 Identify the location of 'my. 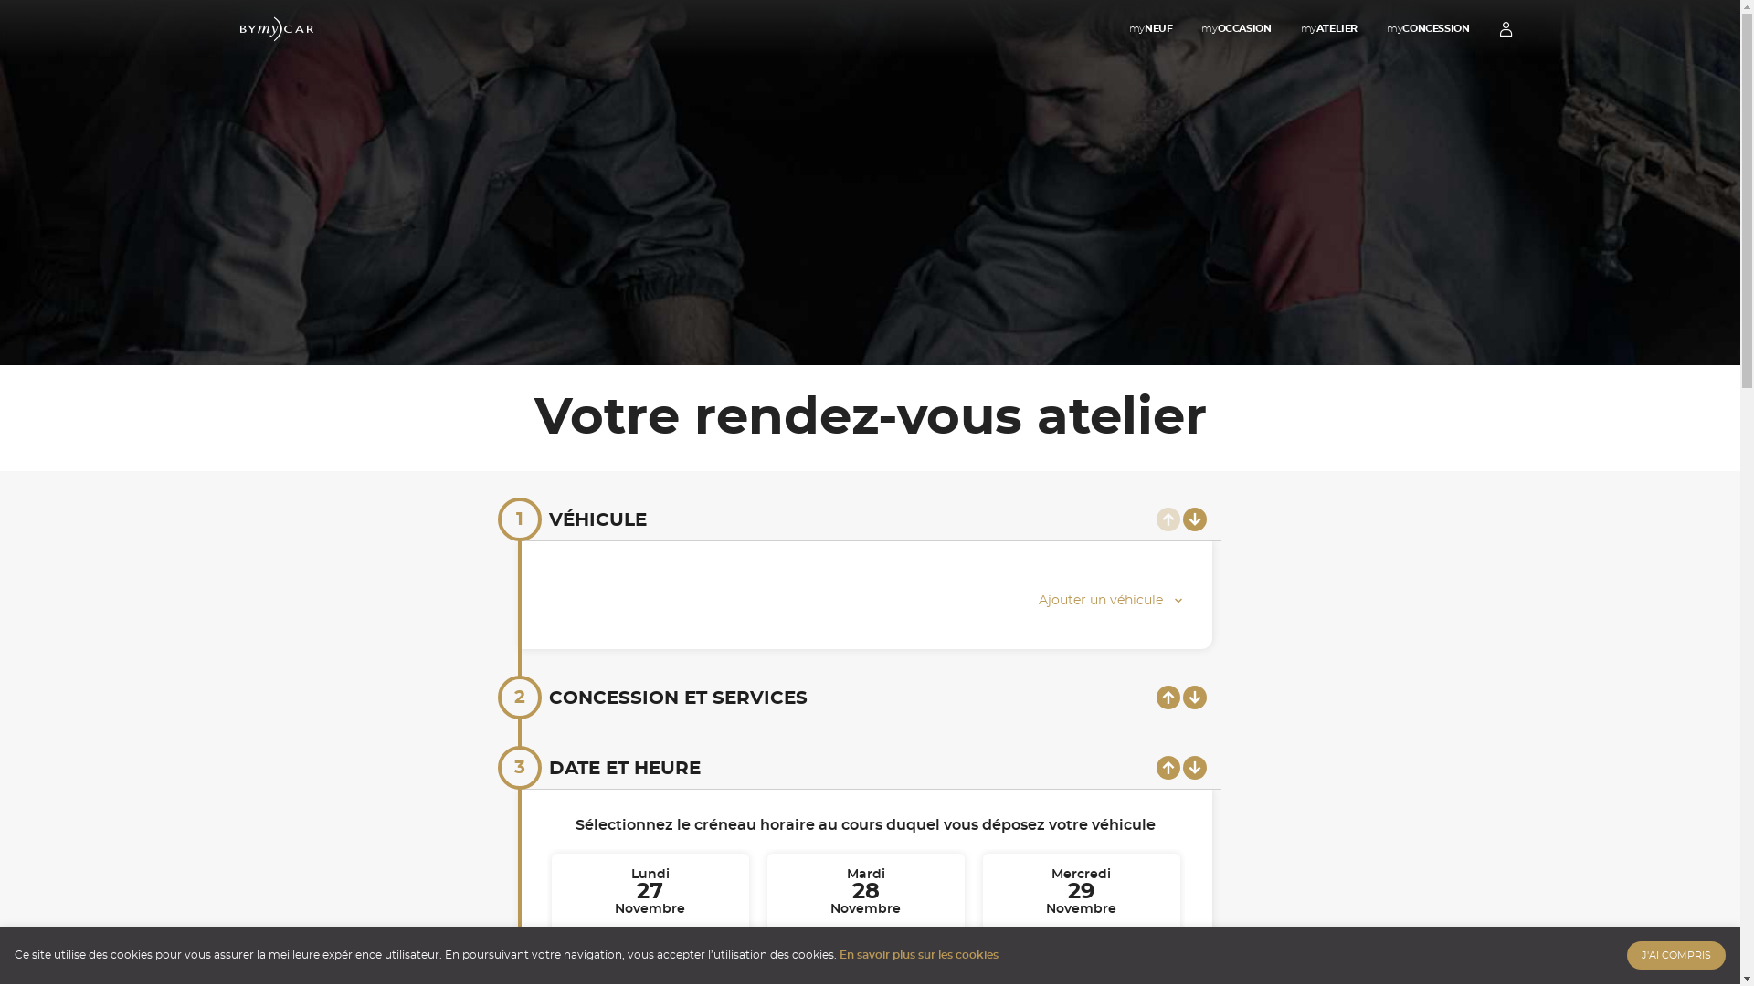
(1329, 28).